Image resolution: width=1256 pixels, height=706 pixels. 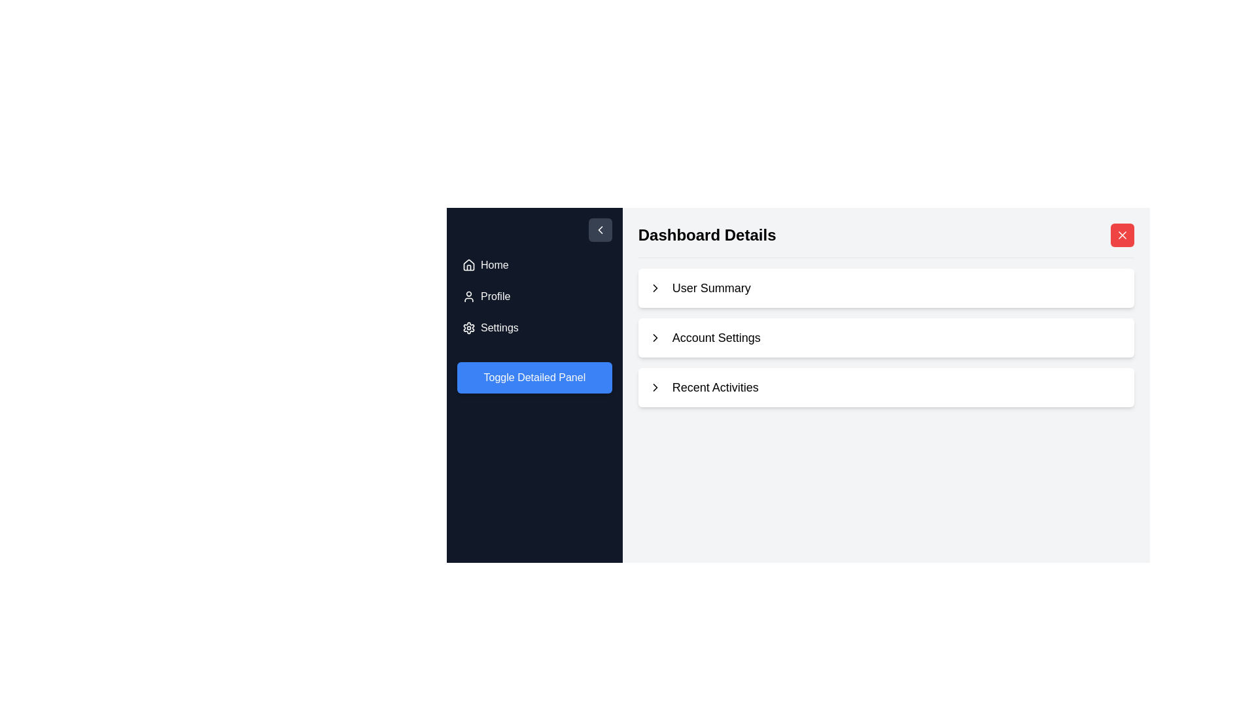 What do you see at coordinates (714, 387) in the screenshot?
I see `the 'Recent Activities' text label, which is styled with a larger font size and located within the 'Dashboard Details' section, specifically in the bottom portion of the right pane` at bounding box center [714, 387].